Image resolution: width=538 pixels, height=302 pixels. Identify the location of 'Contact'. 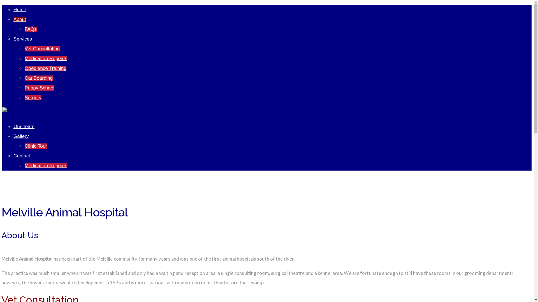
(13, 156).